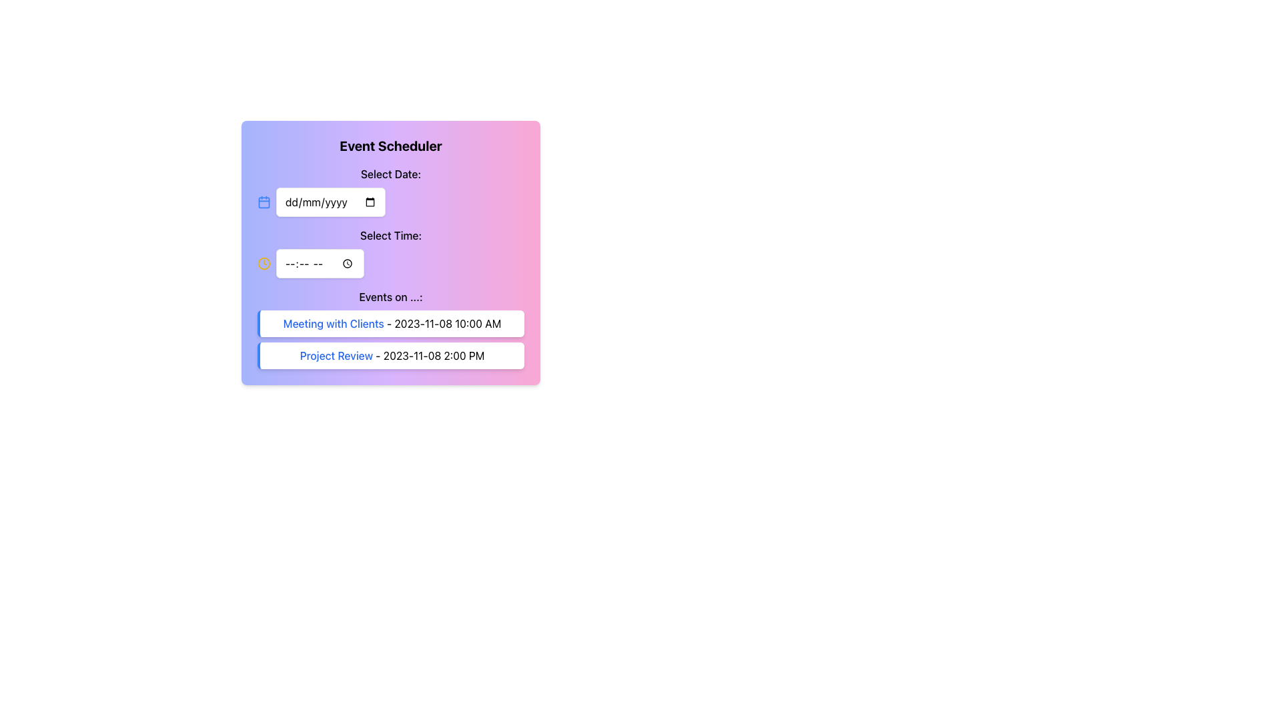 This screenshot has height=721, width=1281. Describe the element at coordinates (264, 263) in the screenshot. I see `the yellow clock icon with circular outline and clock hands` at that location.